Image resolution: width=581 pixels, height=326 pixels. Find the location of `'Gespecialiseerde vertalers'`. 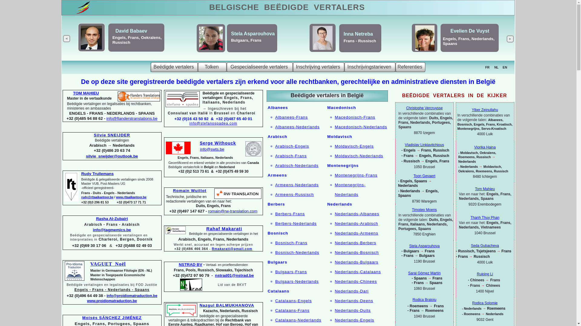

'Gespecialiseerde vertalers' is located at coordinates (259, 67).